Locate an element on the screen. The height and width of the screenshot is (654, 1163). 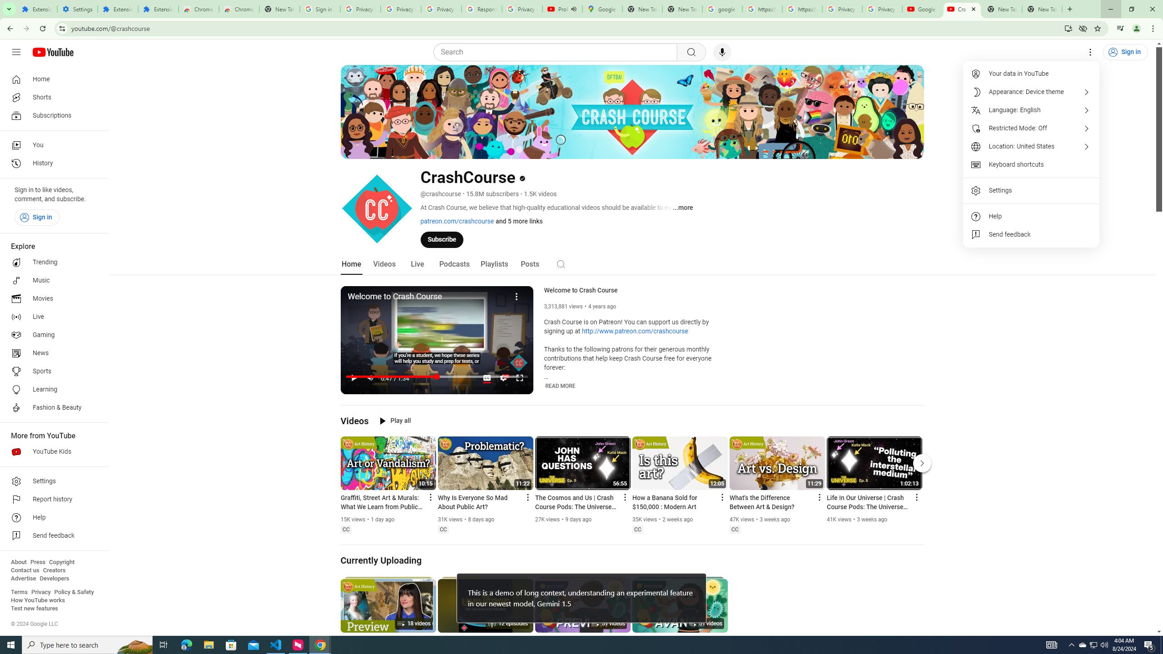
'Install YouTube' is located at coordinates (1068, 28).